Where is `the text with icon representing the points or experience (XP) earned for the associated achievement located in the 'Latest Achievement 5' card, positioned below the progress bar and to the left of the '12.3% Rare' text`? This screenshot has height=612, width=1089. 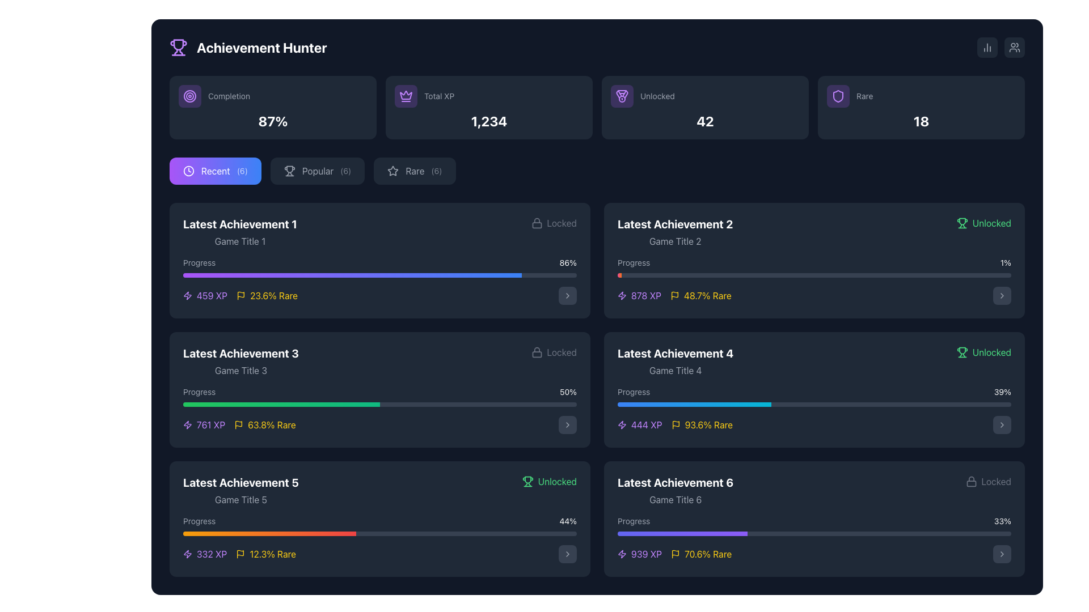
the text with icon representing the points or experience (XP) earned for the associated achievement located in the 'Latest Achievement 5' card, positioned below the progress bar and to the left of the '12.3% Rare' text is located at coordinates (205, 554).